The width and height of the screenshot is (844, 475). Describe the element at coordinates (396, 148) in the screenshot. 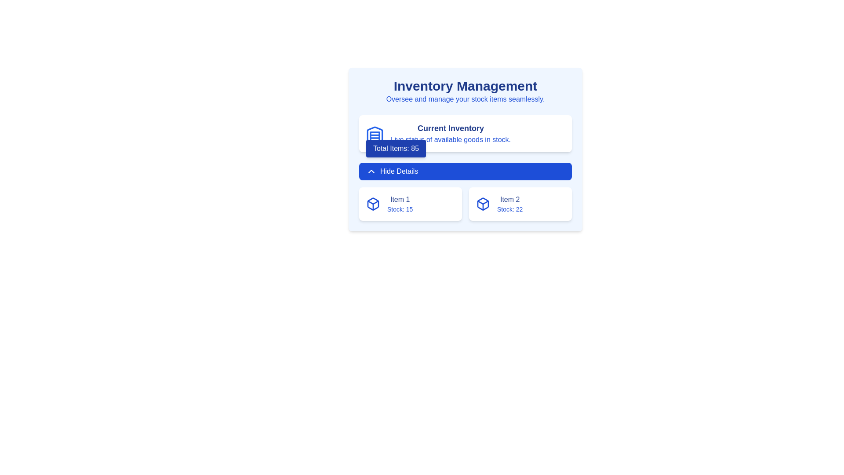

I see `the Text Display Box showing 'Total Items: 85' for additional information` at that location.